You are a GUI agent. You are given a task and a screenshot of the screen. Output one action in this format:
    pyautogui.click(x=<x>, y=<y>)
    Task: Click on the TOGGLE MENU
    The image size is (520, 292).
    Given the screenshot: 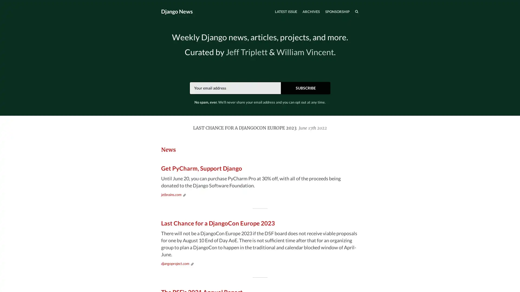 What is the action you would take?
    pyautogui.click(x=162, y=1)
    